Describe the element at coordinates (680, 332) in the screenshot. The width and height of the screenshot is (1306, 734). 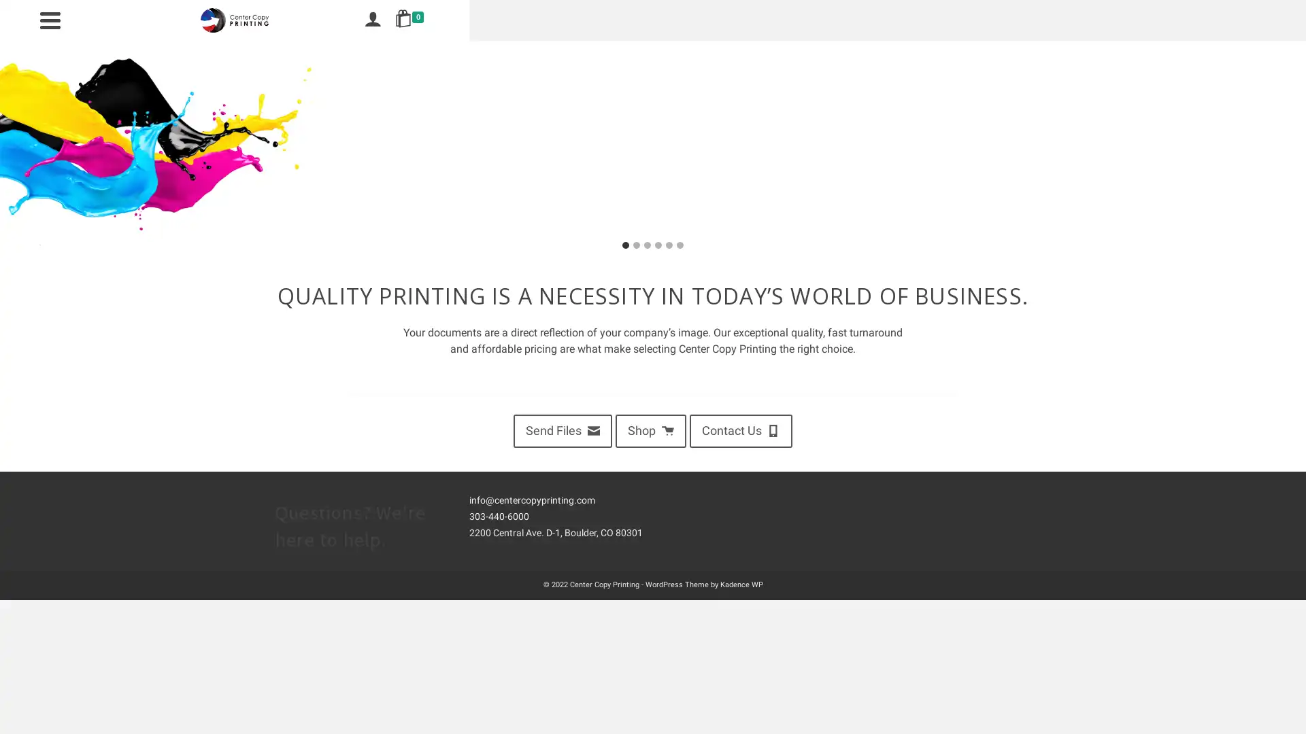
I see `Go to slide 6` at that location.